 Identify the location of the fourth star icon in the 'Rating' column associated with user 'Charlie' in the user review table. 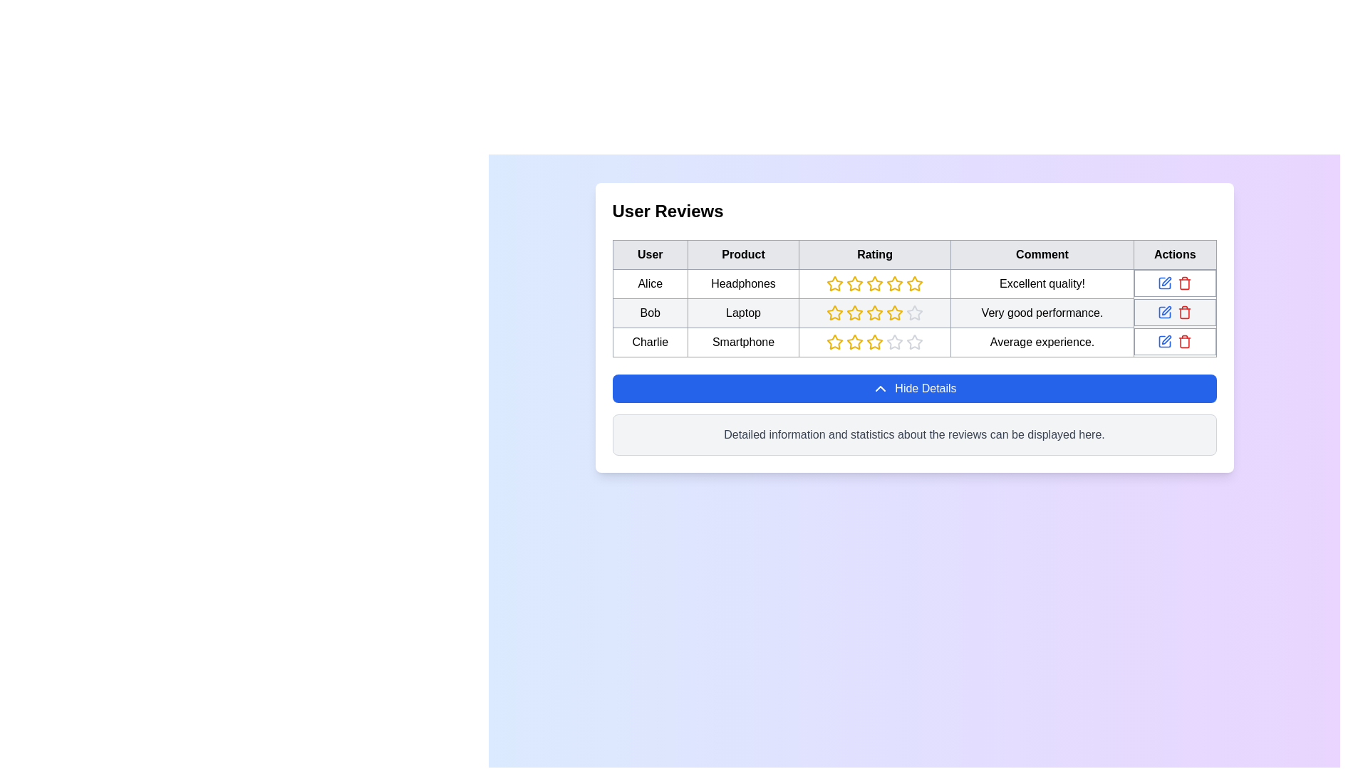
(834, 342).